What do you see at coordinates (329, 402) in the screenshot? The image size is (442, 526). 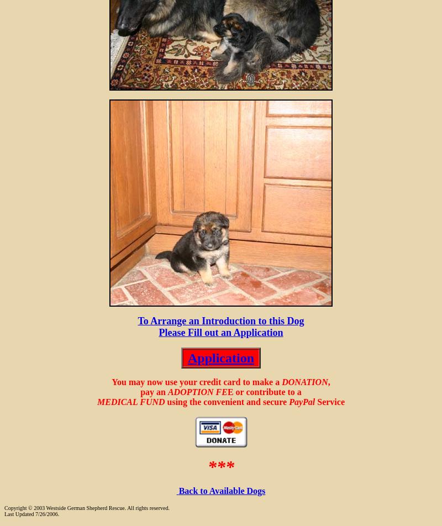 I see `'Service'` at bounding box center [329, 402].